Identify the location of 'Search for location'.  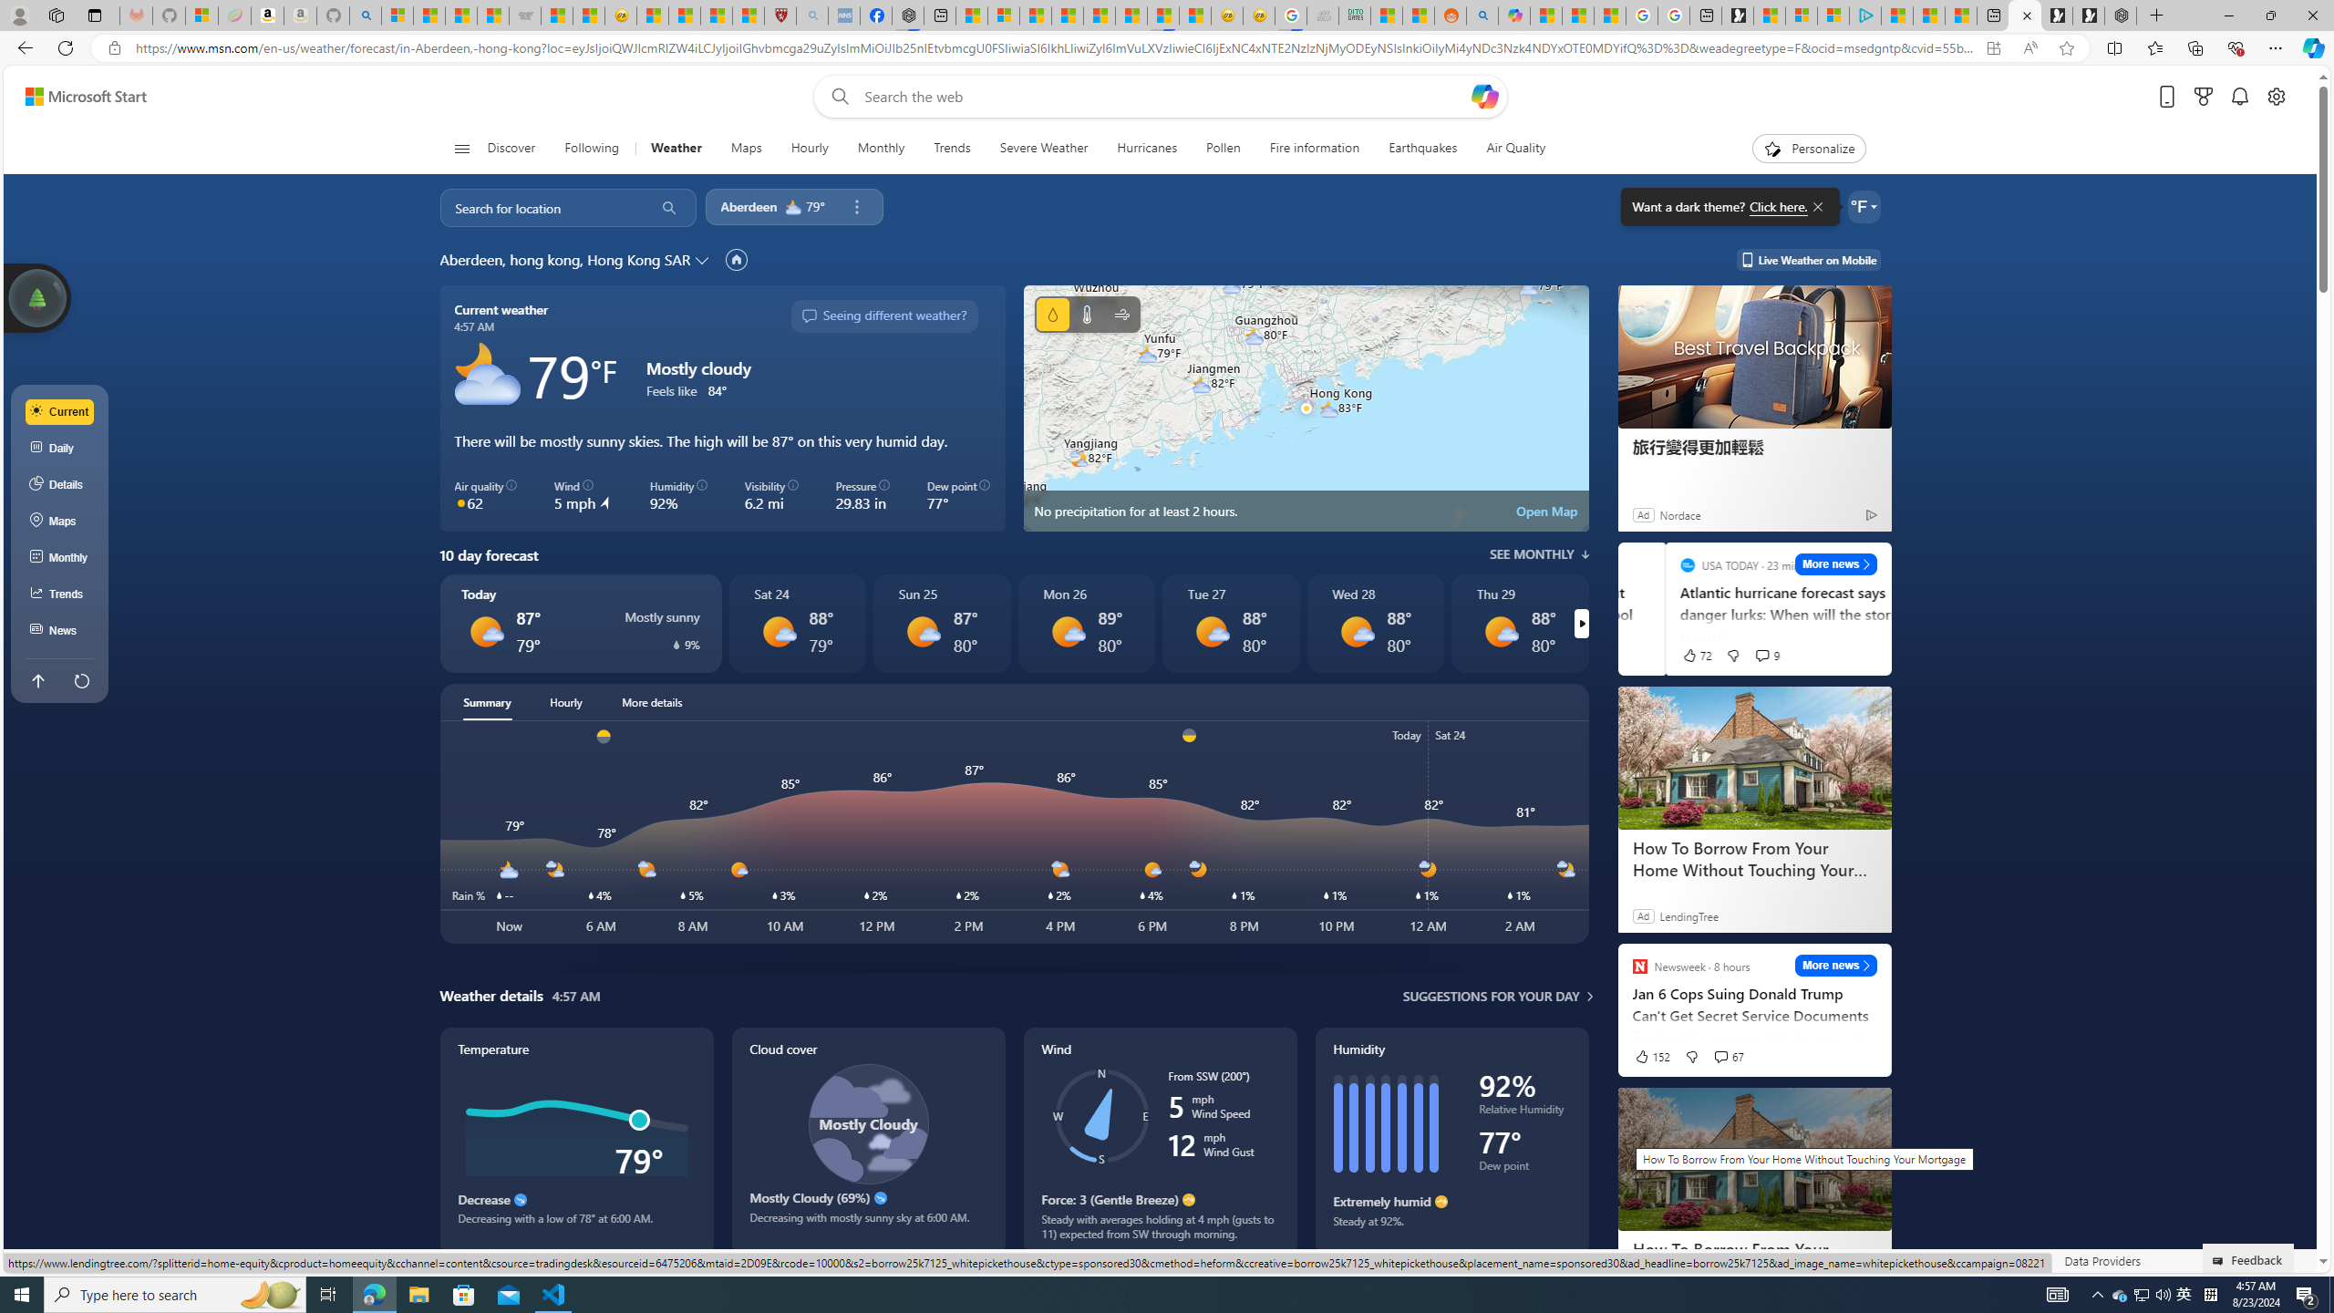
(540, 206).